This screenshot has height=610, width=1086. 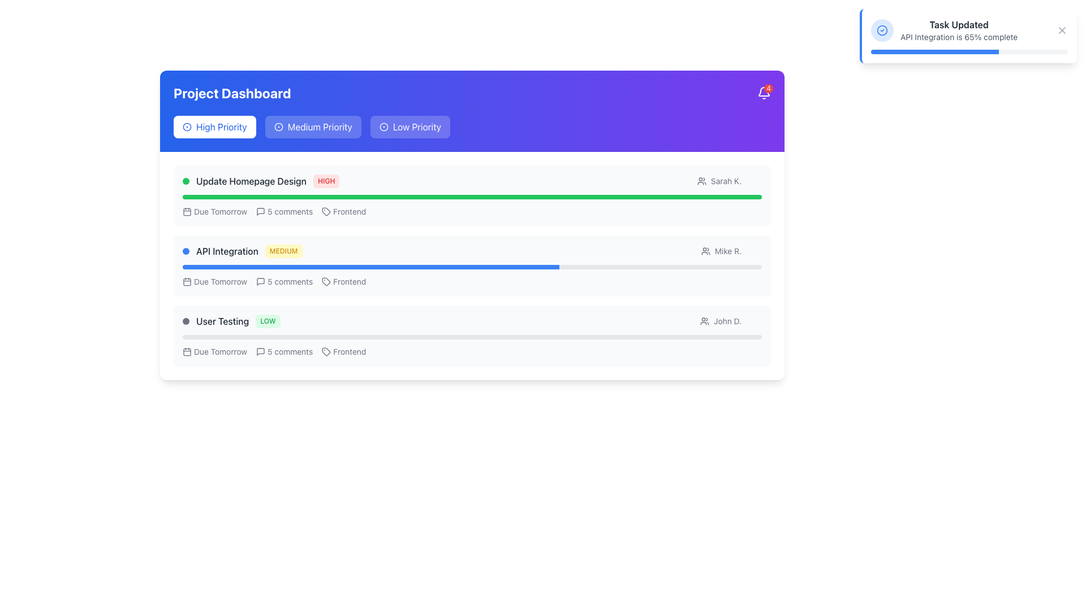 What do you see at coordinates (215, 281) in the screenshot?
I see `the text with icon combination that indicates the due date for the 'API Integration' task, which is centrally located in the dashboard and appears before the '5 comments' and 'Frontend' tags` at bounding box center [215, 281].